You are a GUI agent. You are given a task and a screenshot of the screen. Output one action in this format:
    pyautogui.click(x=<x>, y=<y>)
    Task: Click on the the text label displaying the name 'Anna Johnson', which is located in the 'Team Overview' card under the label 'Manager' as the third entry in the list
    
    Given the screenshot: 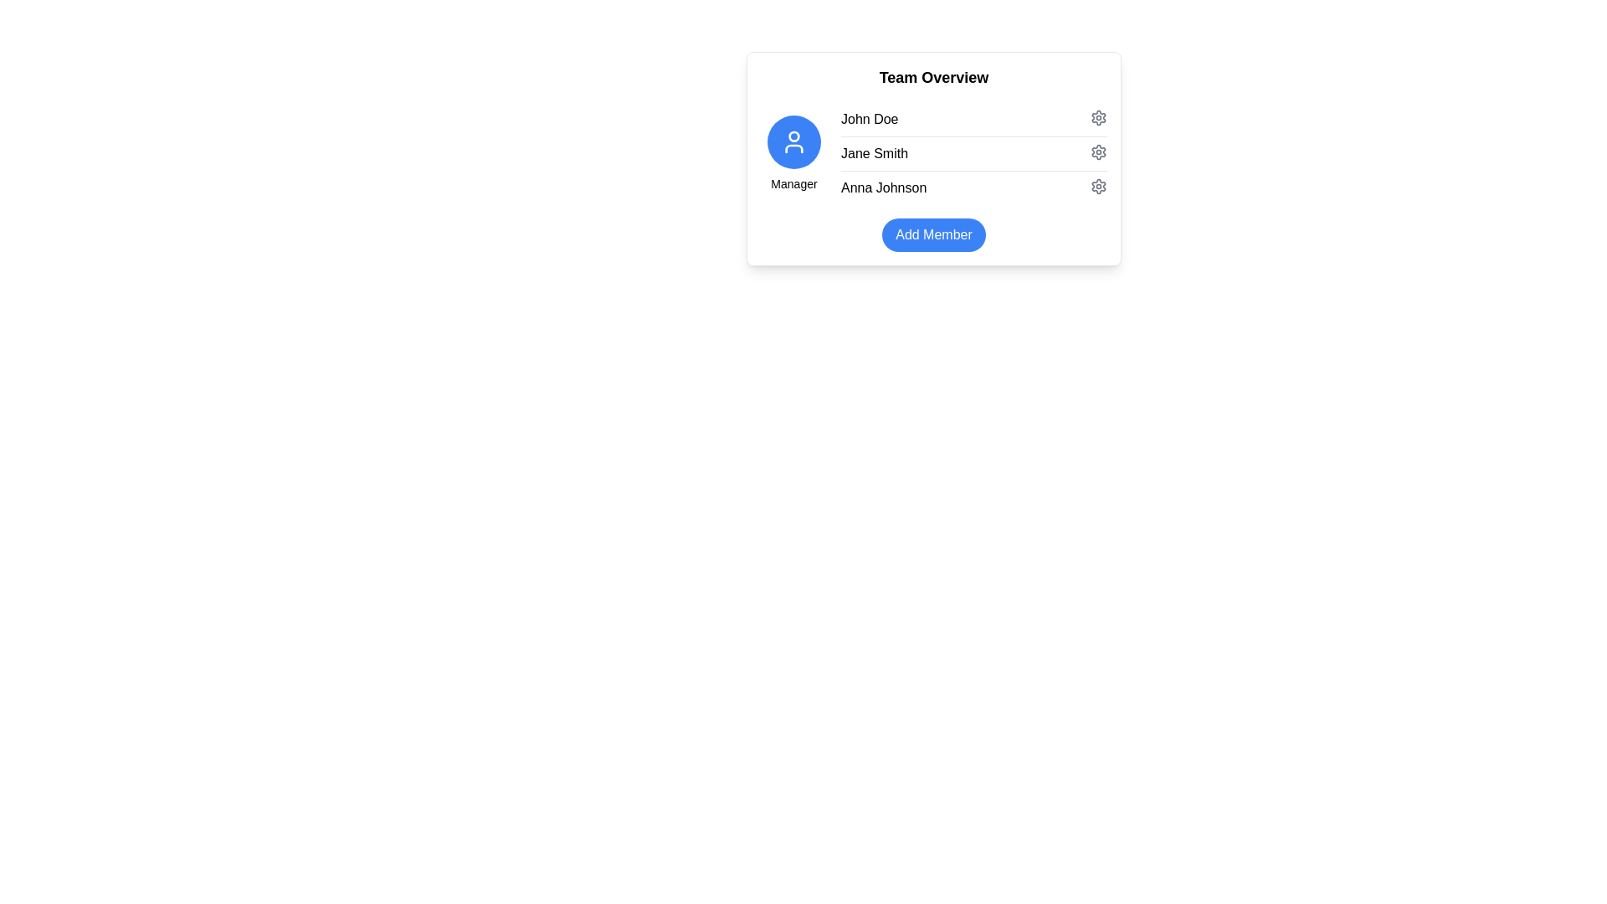 What is the action you would take?
    pyautogui.click(x=883, y=187)
    